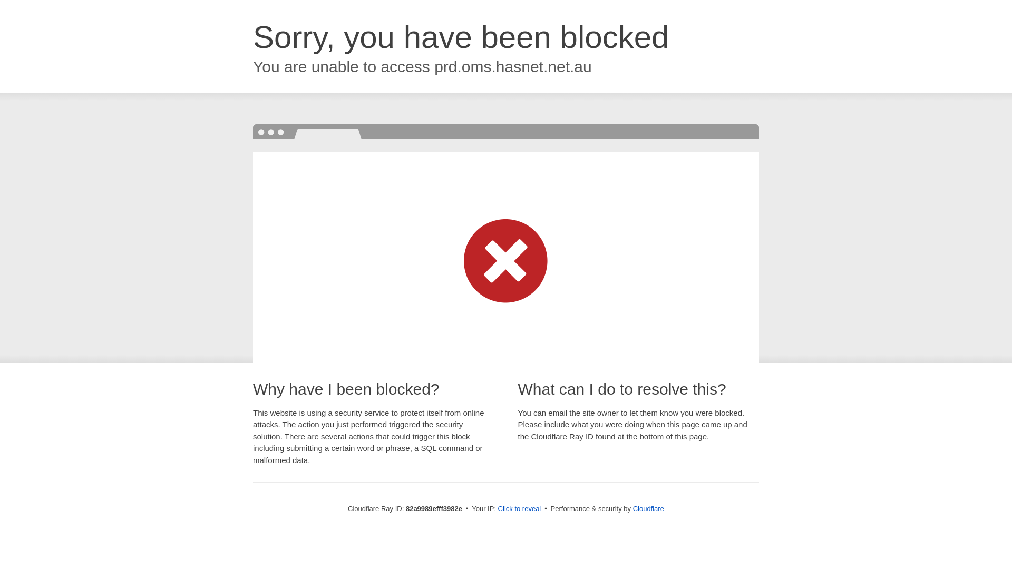 Image resolution: width=1012 pixels, height=569 pixels. What do you see at coordinates (632, 508) in the screenshot?
I see `'Cloudflare'` at bounding box center [632, 508].